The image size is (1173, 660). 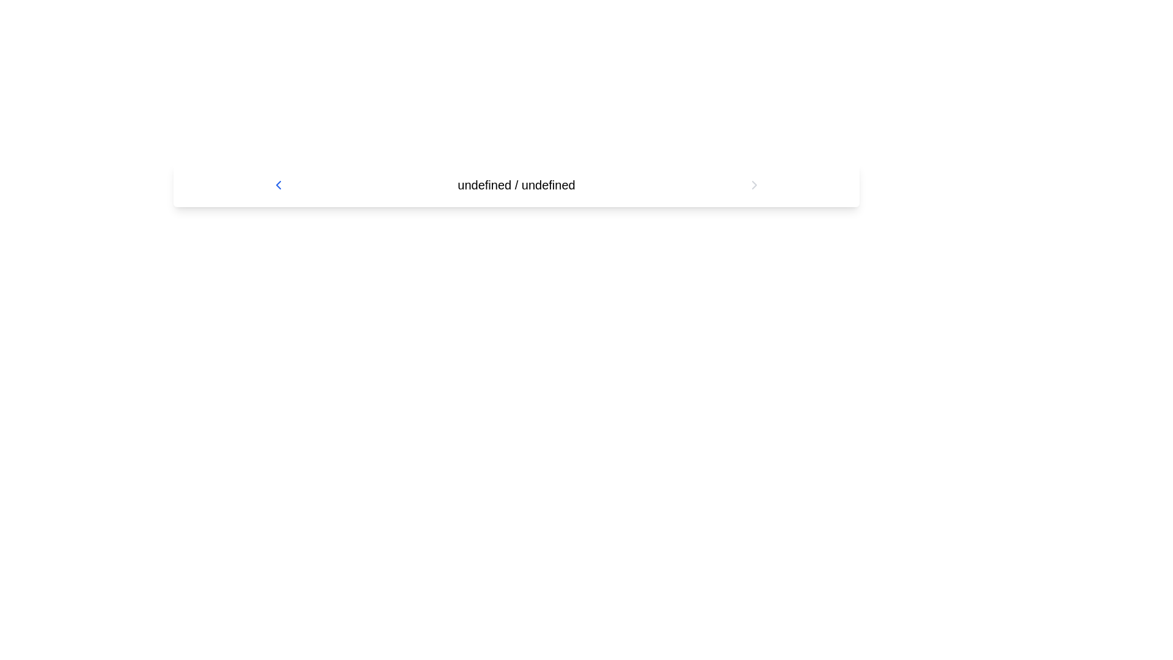 I want to click on the left-pointing blue arrow button located at the left end of the pagination bar, so click(x=278, y=185).